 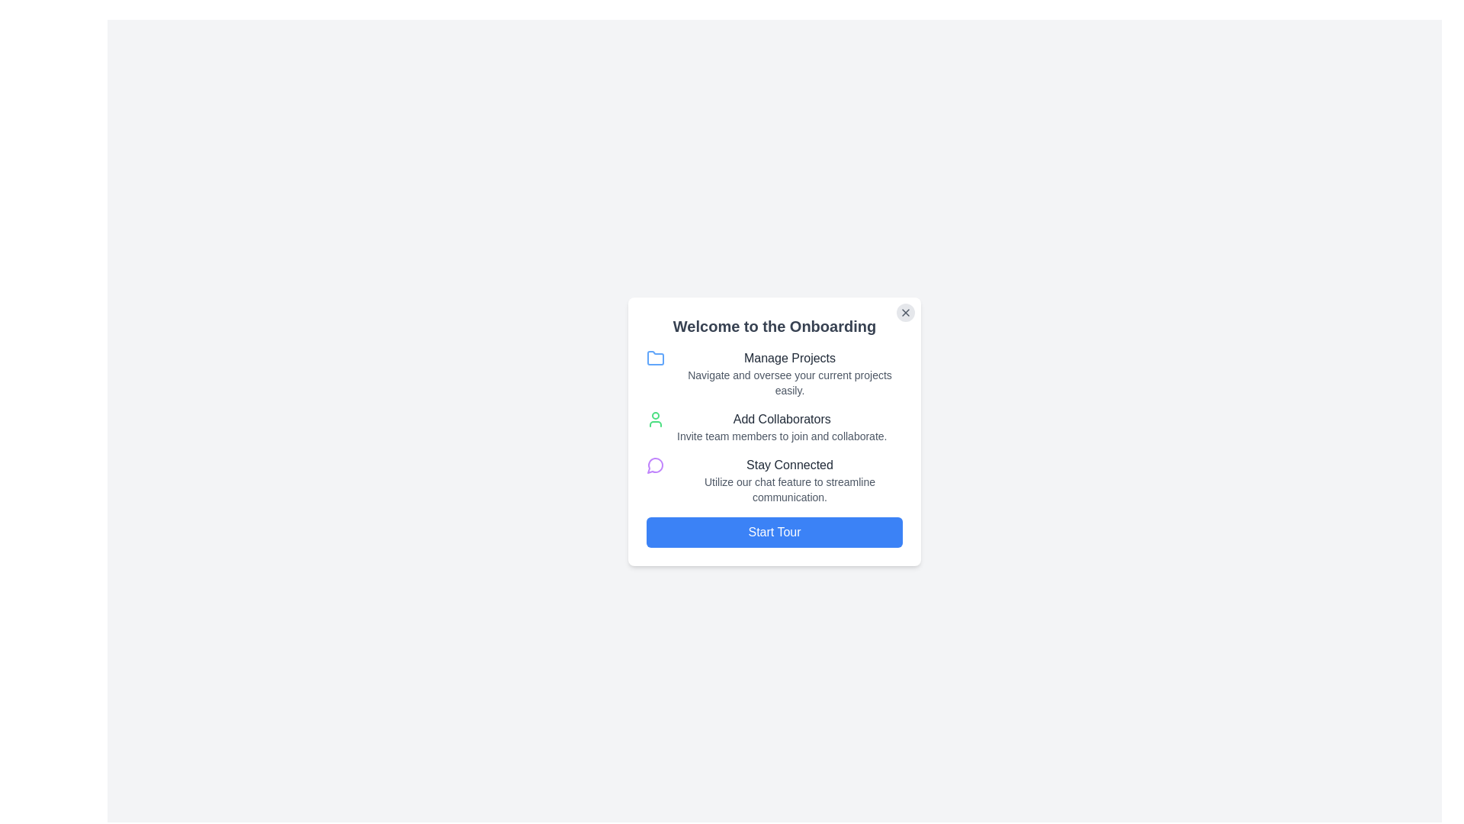 What do you see at coordinates (782, 436) in the screenshot?
I see `the static text that states 'Invite team members to join and collaborate,' which is positioned beneath the title 'Add Collaborators' in the application's welcome pop-up panel` at bounding box center [782, 436].